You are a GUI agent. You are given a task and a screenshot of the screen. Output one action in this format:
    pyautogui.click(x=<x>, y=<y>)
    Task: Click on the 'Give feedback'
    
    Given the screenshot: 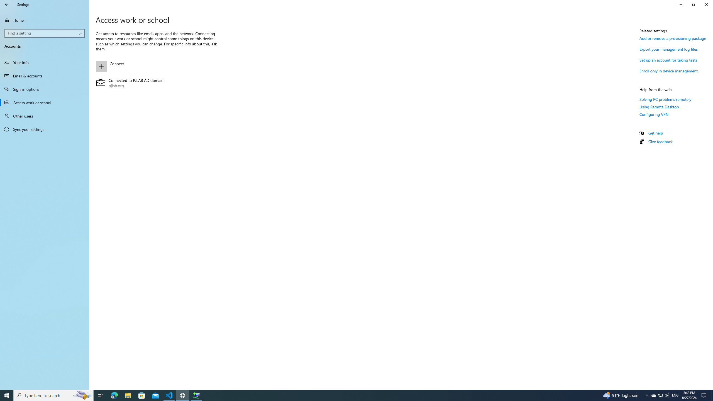 What is the action you would take?
    pyautogui.click(x=660, y=142)
    